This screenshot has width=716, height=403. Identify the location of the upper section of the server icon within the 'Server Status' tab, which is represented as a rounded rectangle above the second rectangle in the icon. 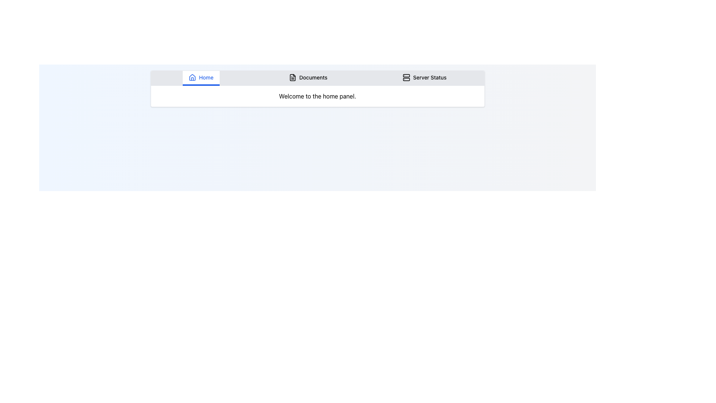
(406, 76).